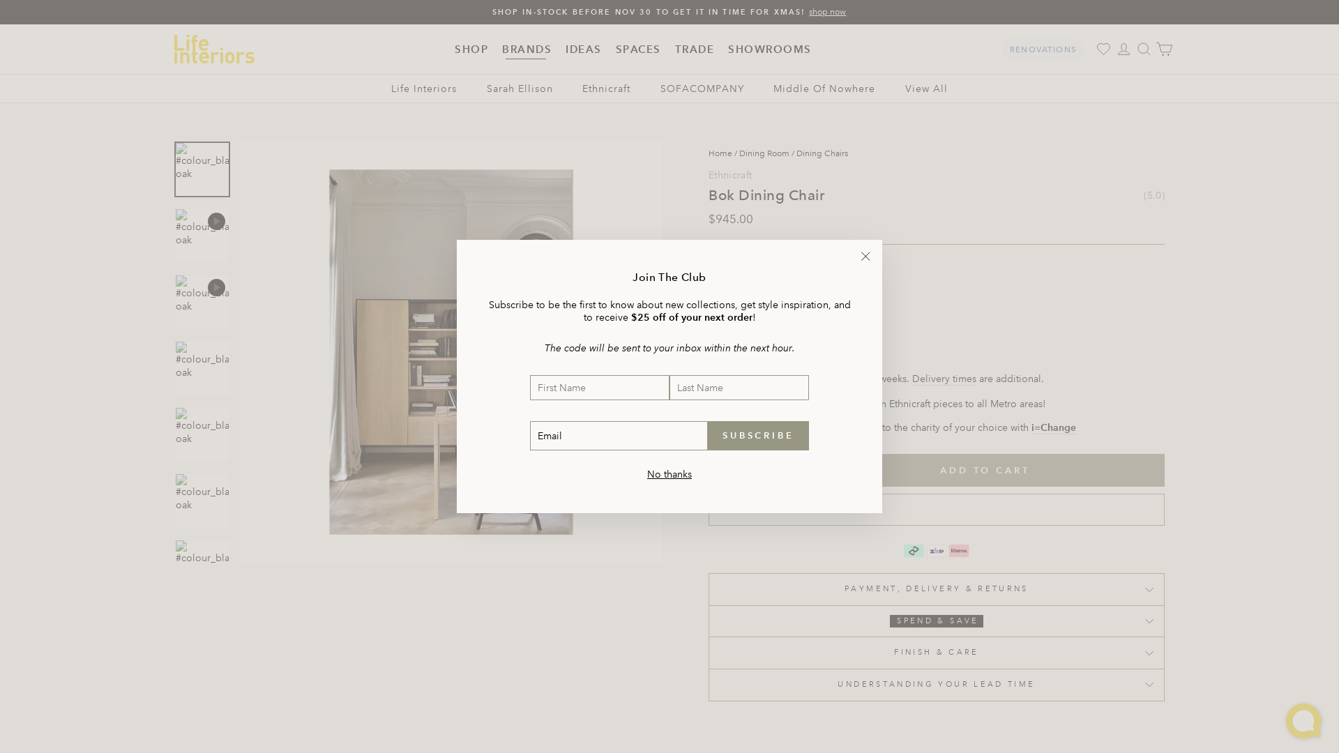  Describe the element at coordinates (1124, 48) in the screenshot. I see `'ACCOUNT` at that location.